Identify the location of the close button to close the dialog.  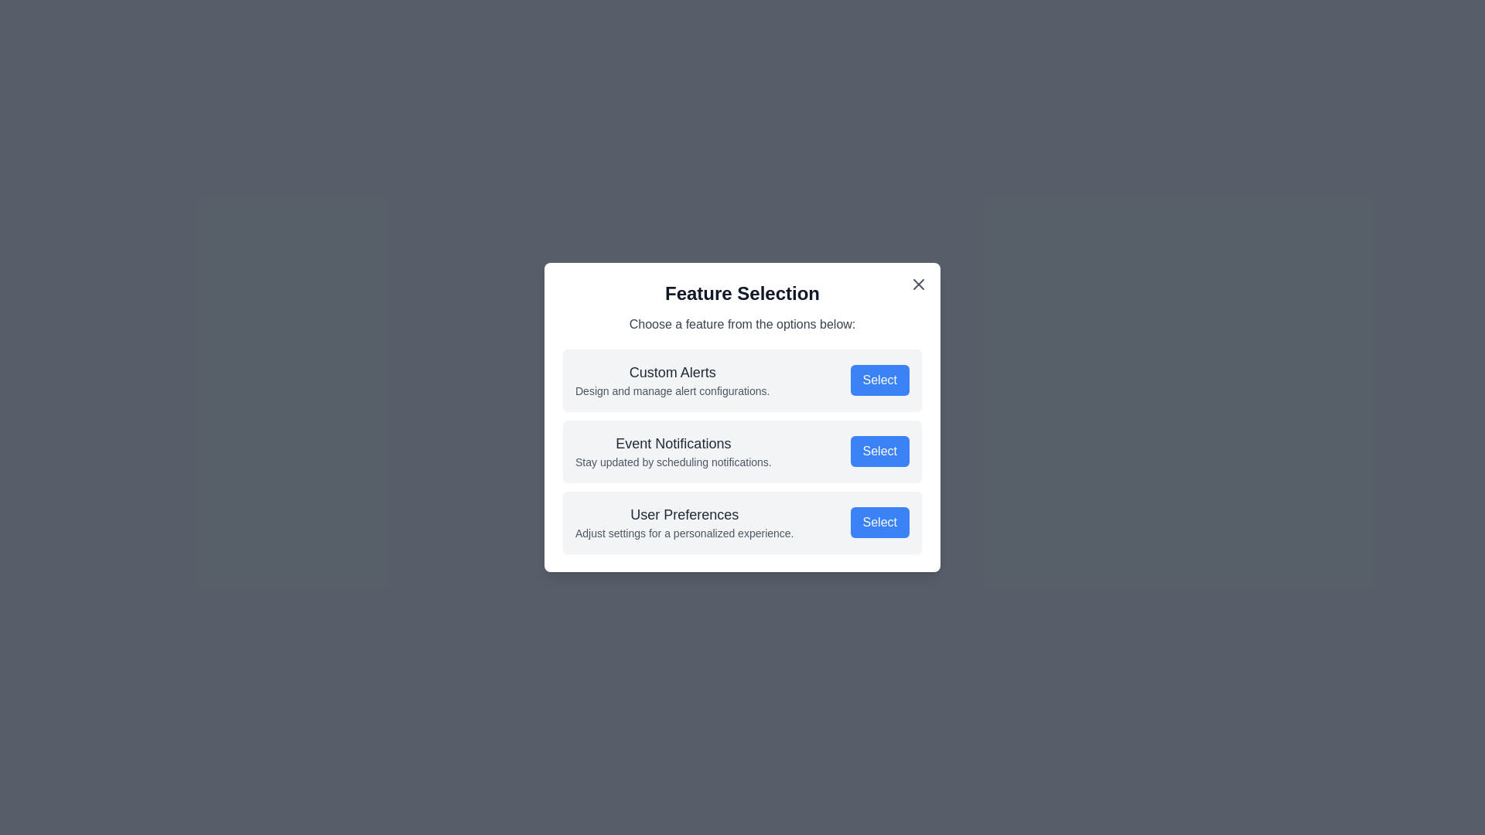
(919, 284).